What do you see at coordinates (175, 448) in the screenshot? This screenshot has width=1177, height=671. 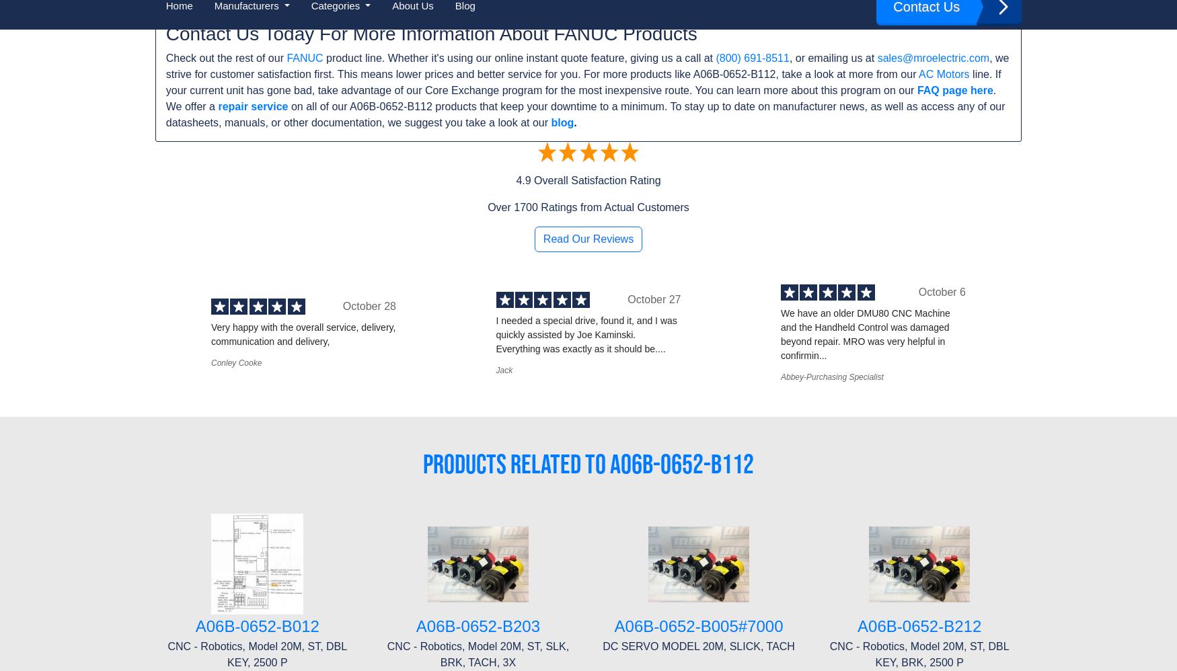 I see `'About us'` at bounding box center [175, 448].